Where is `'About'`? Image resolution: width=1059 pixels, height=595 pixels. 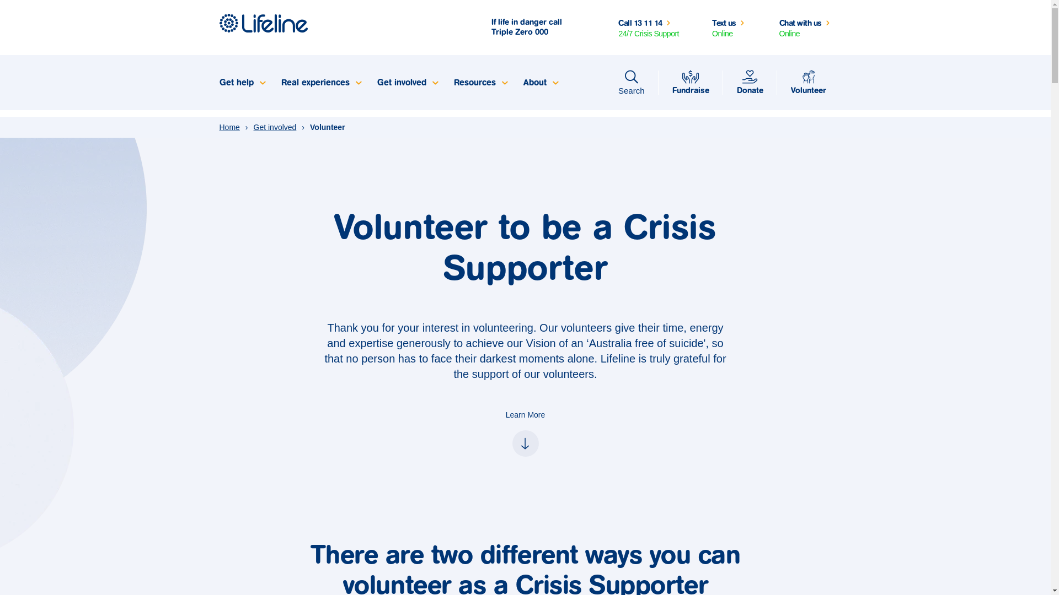
'About' is located at coordinates (540, 82).